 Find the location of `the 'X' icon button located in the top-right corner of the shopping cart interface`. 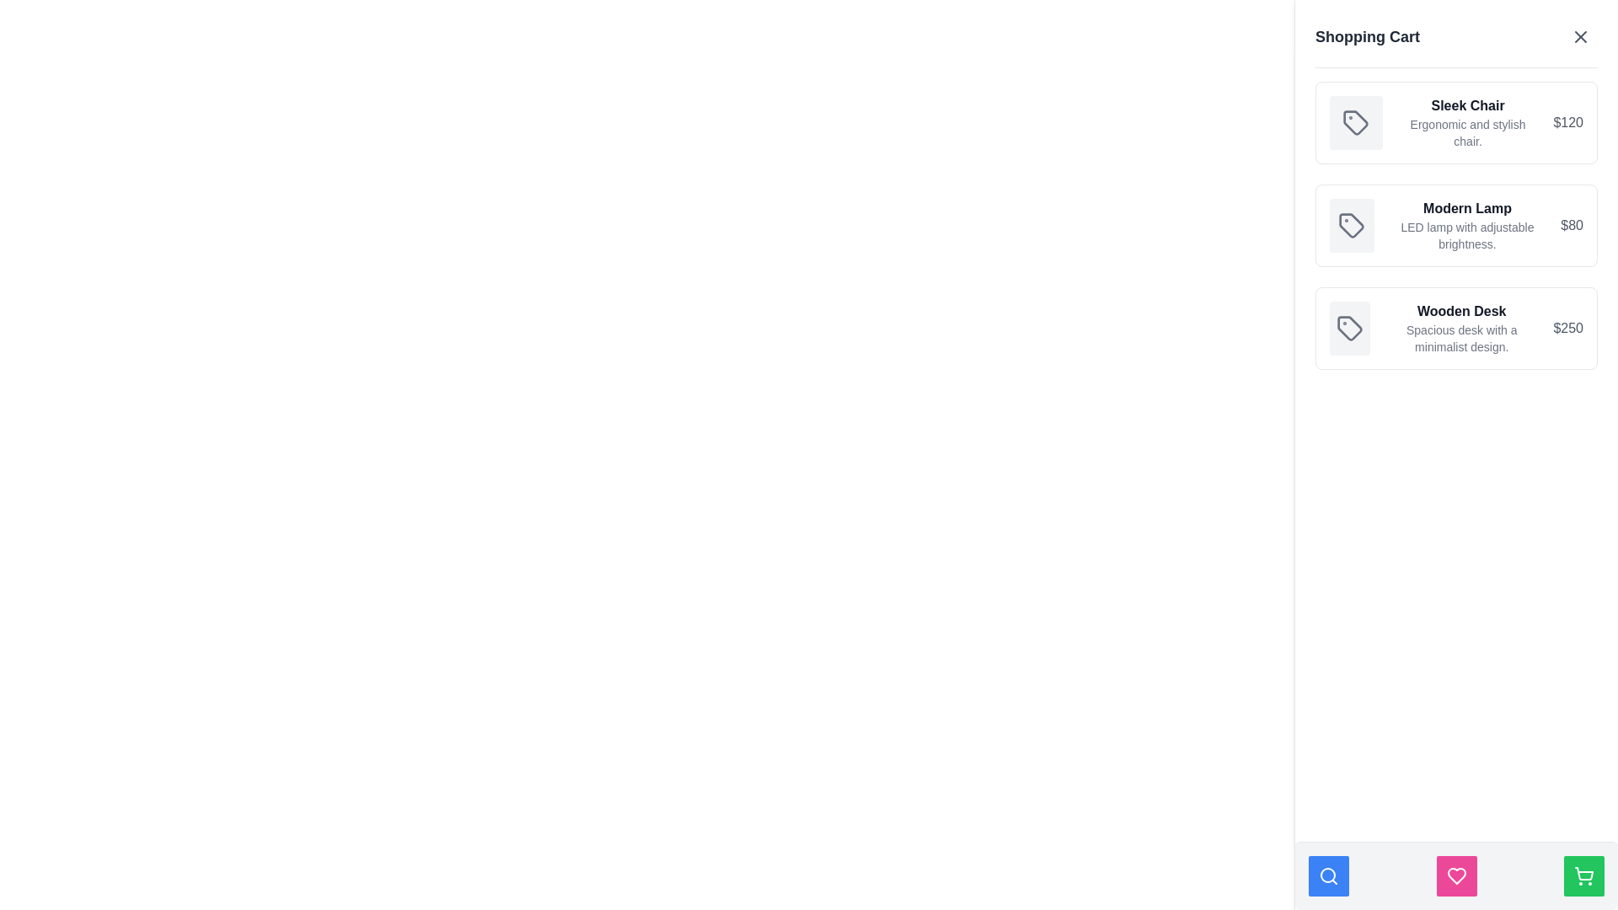

the 'X' icon button located in the top-right corner of the shopping cart interface is located at coordinates (1580, 36).